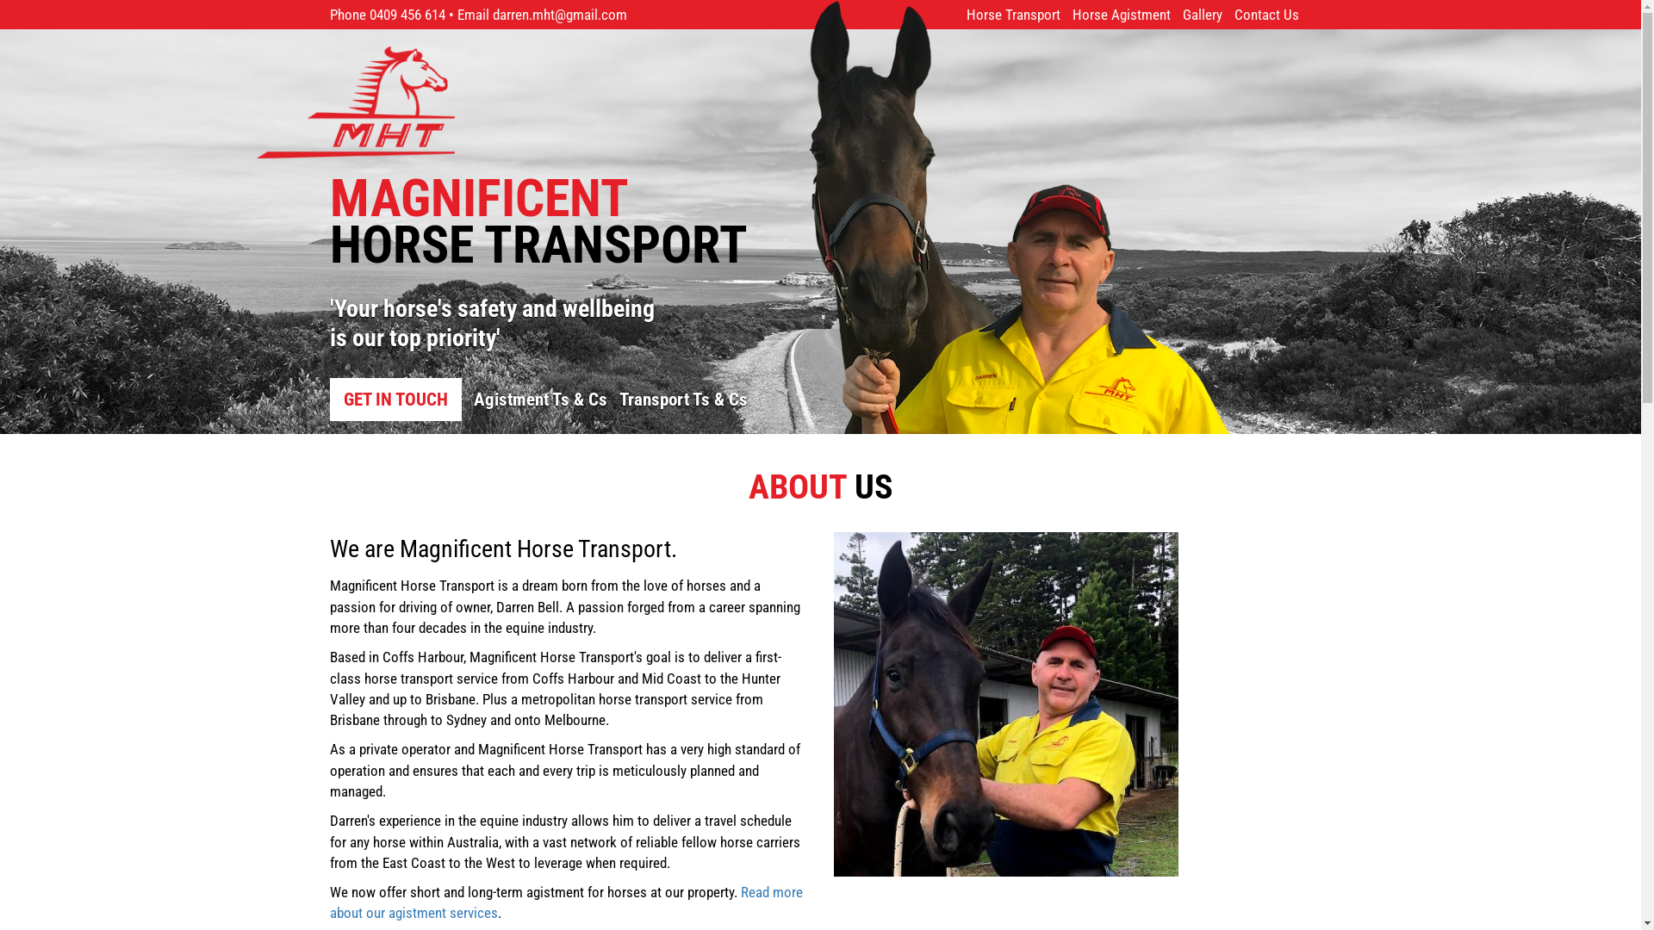  Describe the element at coordinates (1120, 14) in the screenshot. I see `'Horse Agistment'` at that location.